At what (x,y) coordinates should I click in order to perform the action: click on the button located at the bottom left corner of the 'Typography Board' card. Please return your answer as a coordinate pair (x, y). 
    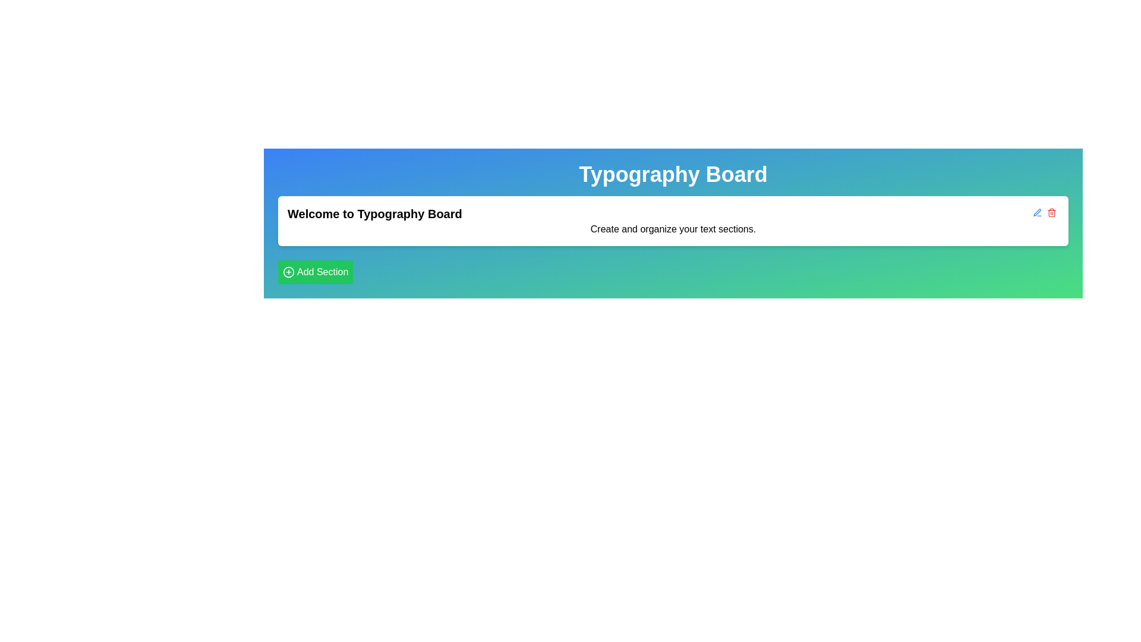
    Looking at the image, I should click on (316, 272).